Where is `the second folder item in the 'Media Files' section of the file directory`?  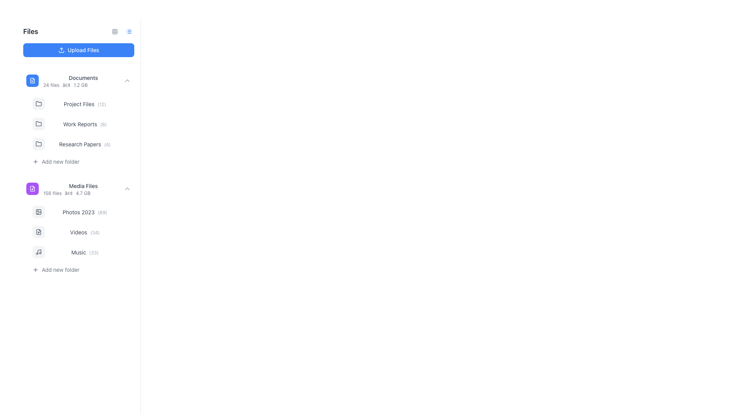 the second folder item in the 'Media Files' section of the file directory is located at coordinates (79, 227).